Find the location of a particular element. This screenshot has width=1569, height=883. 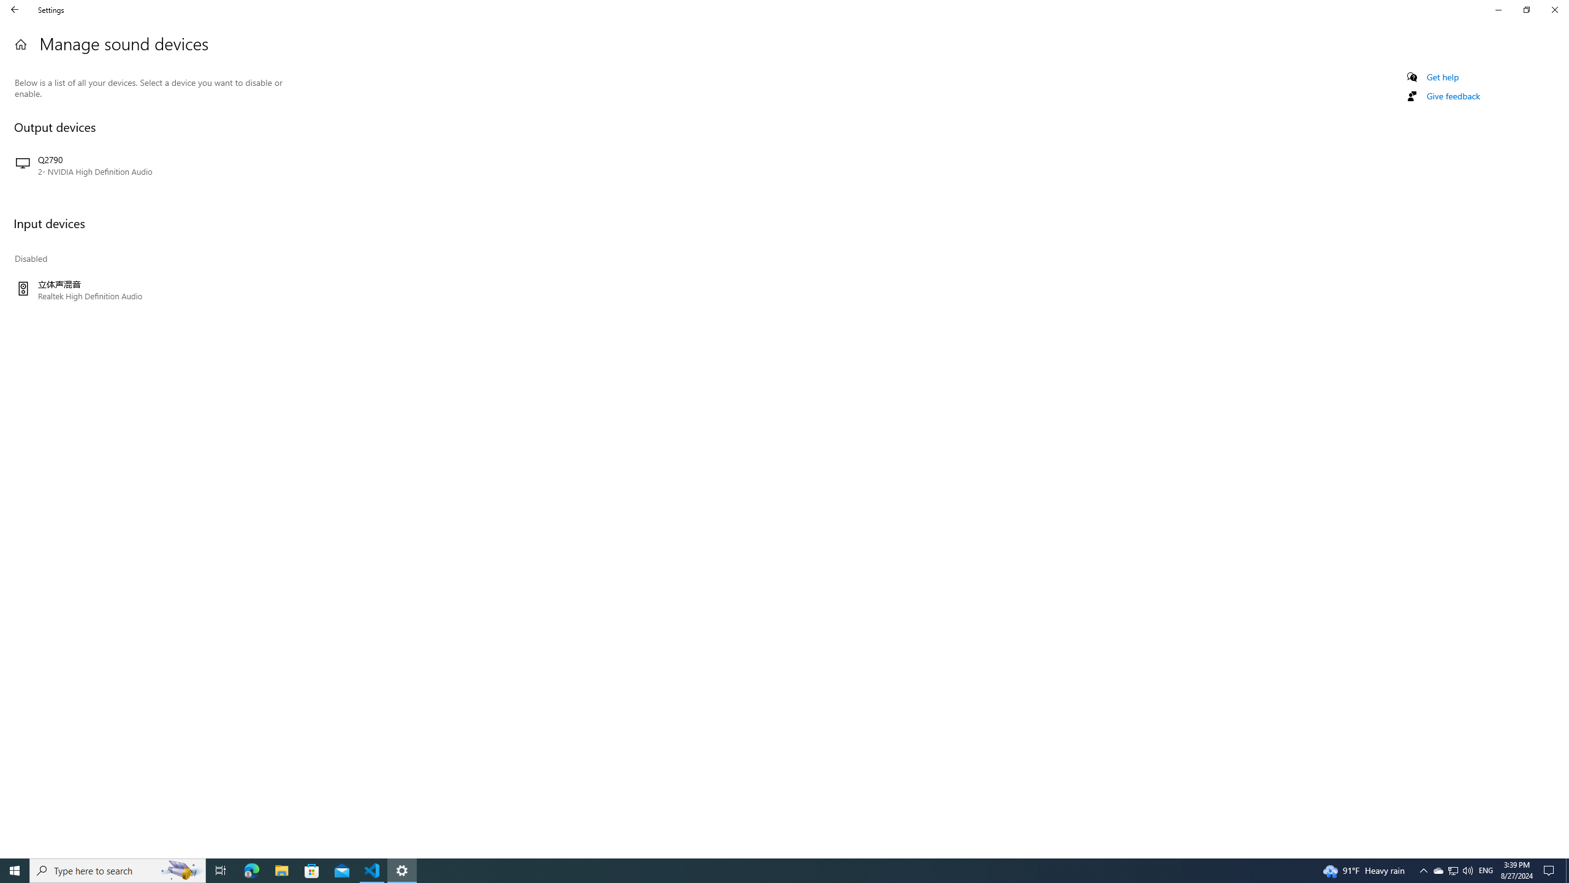

'Q2790 2- NVIDIA High Definition Audio' is located at coordinates (147, 165).